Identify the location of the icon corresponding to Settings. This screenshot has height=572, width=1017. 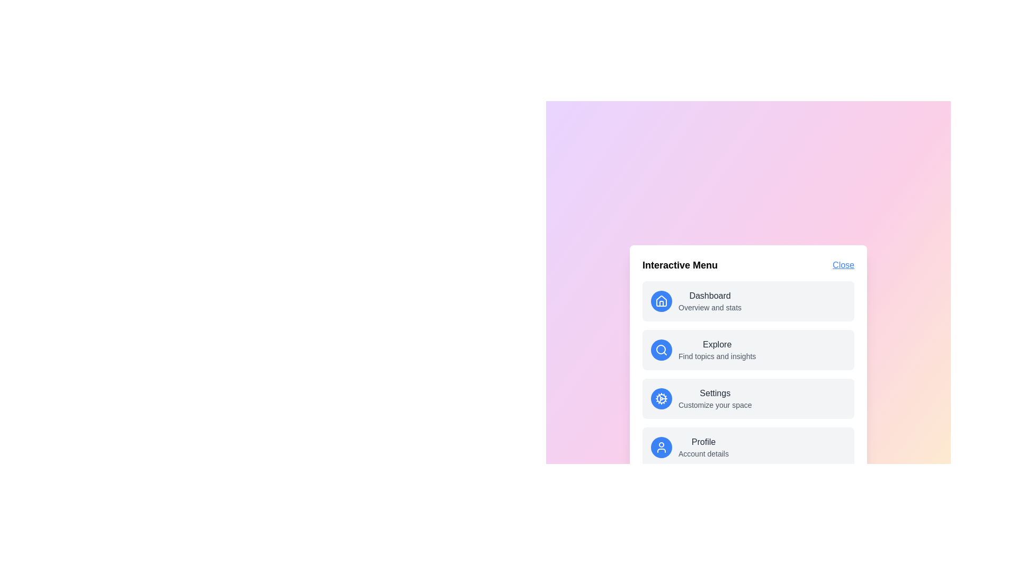
(661, 398).